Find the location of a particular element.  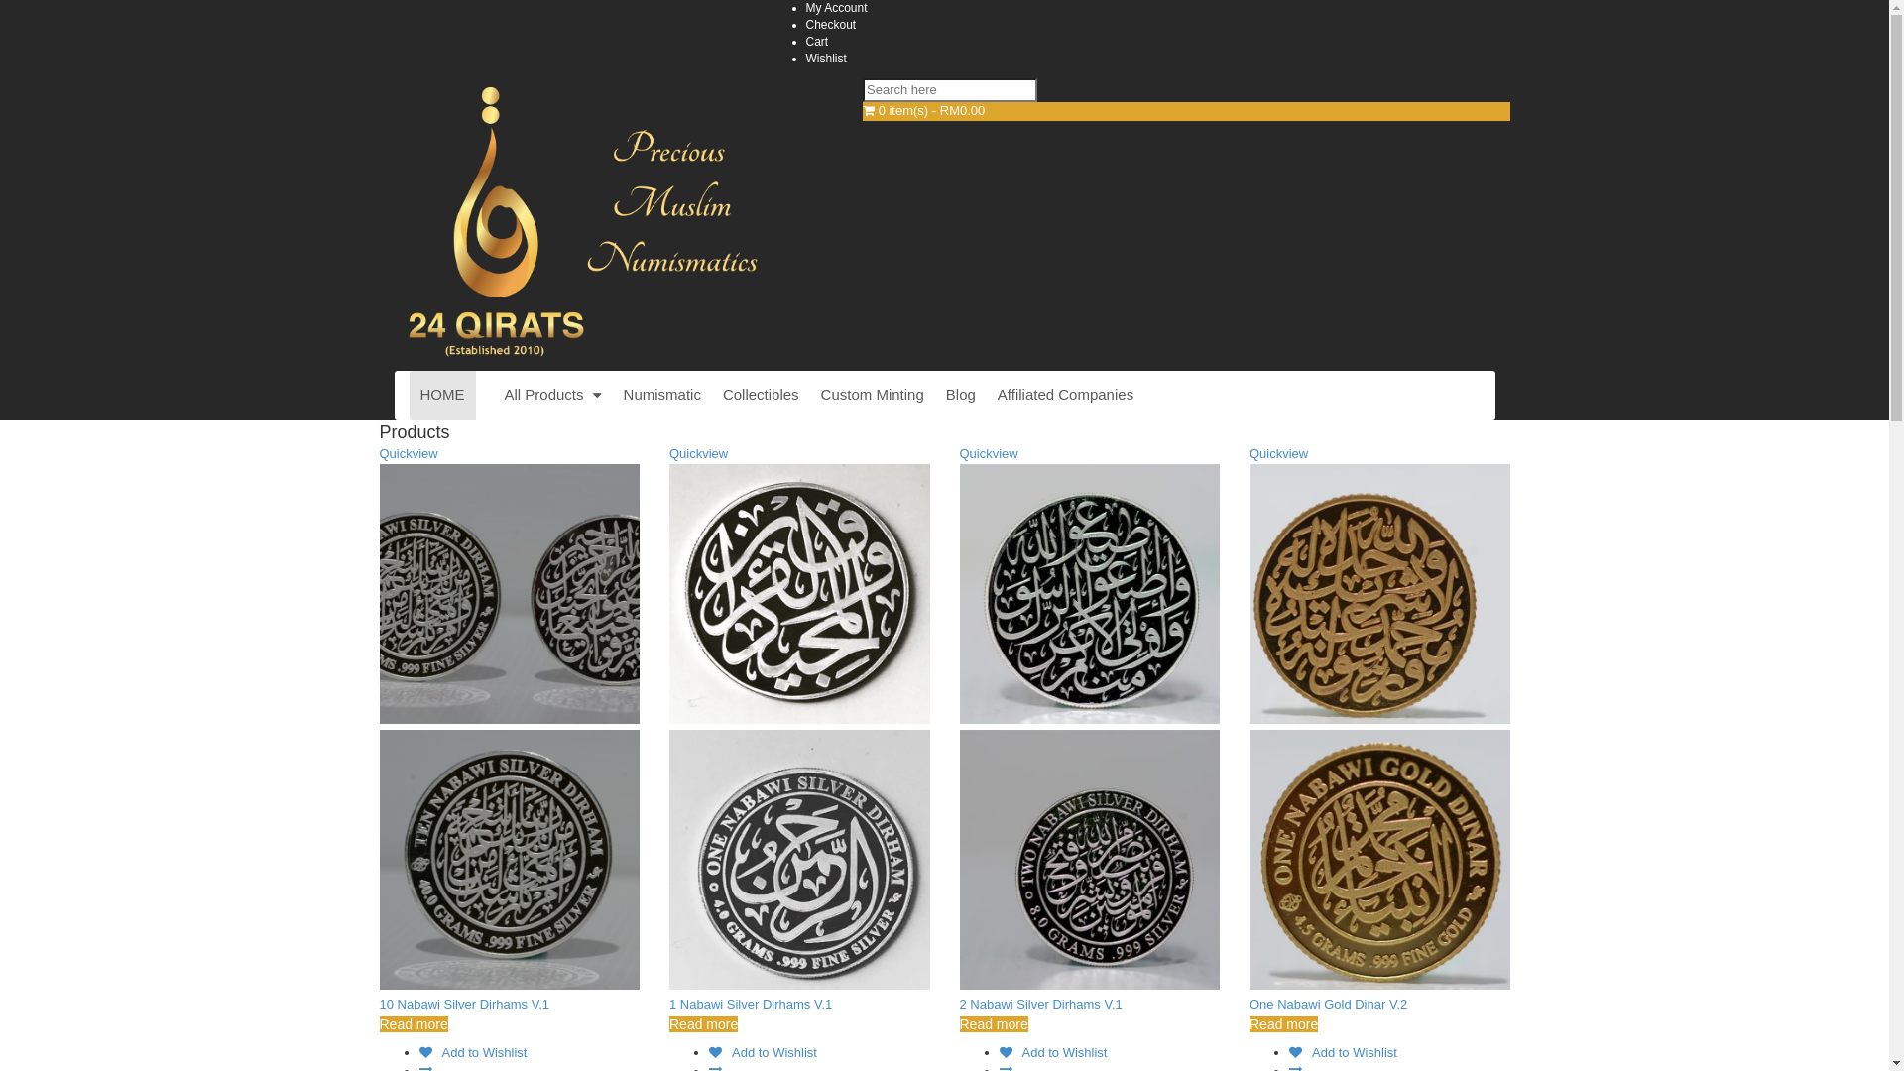

'Wishlist' is located at coordinates (825, 57).